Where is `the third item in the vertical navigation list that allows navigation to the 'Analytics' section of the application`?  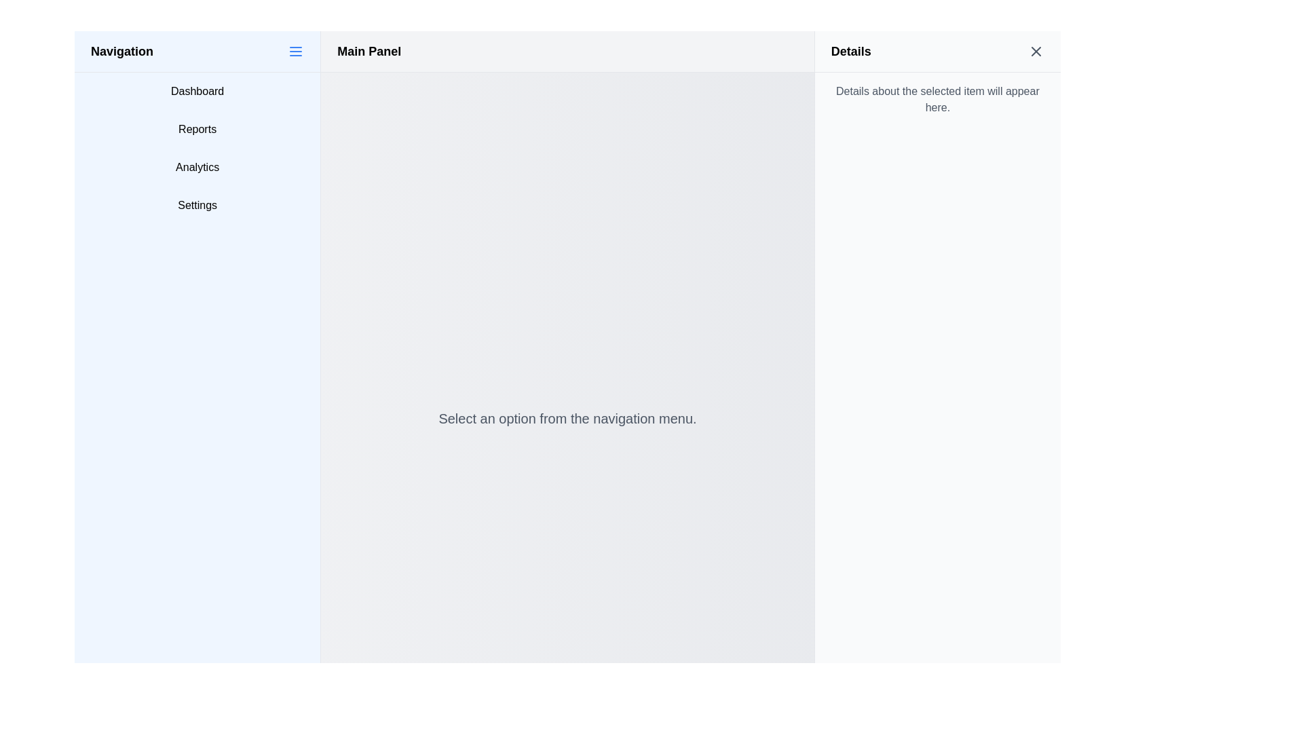 the third item in the vertical navigation list that allows navigation to the 'Analytics' section of the application is located at coordinates (197, 166).